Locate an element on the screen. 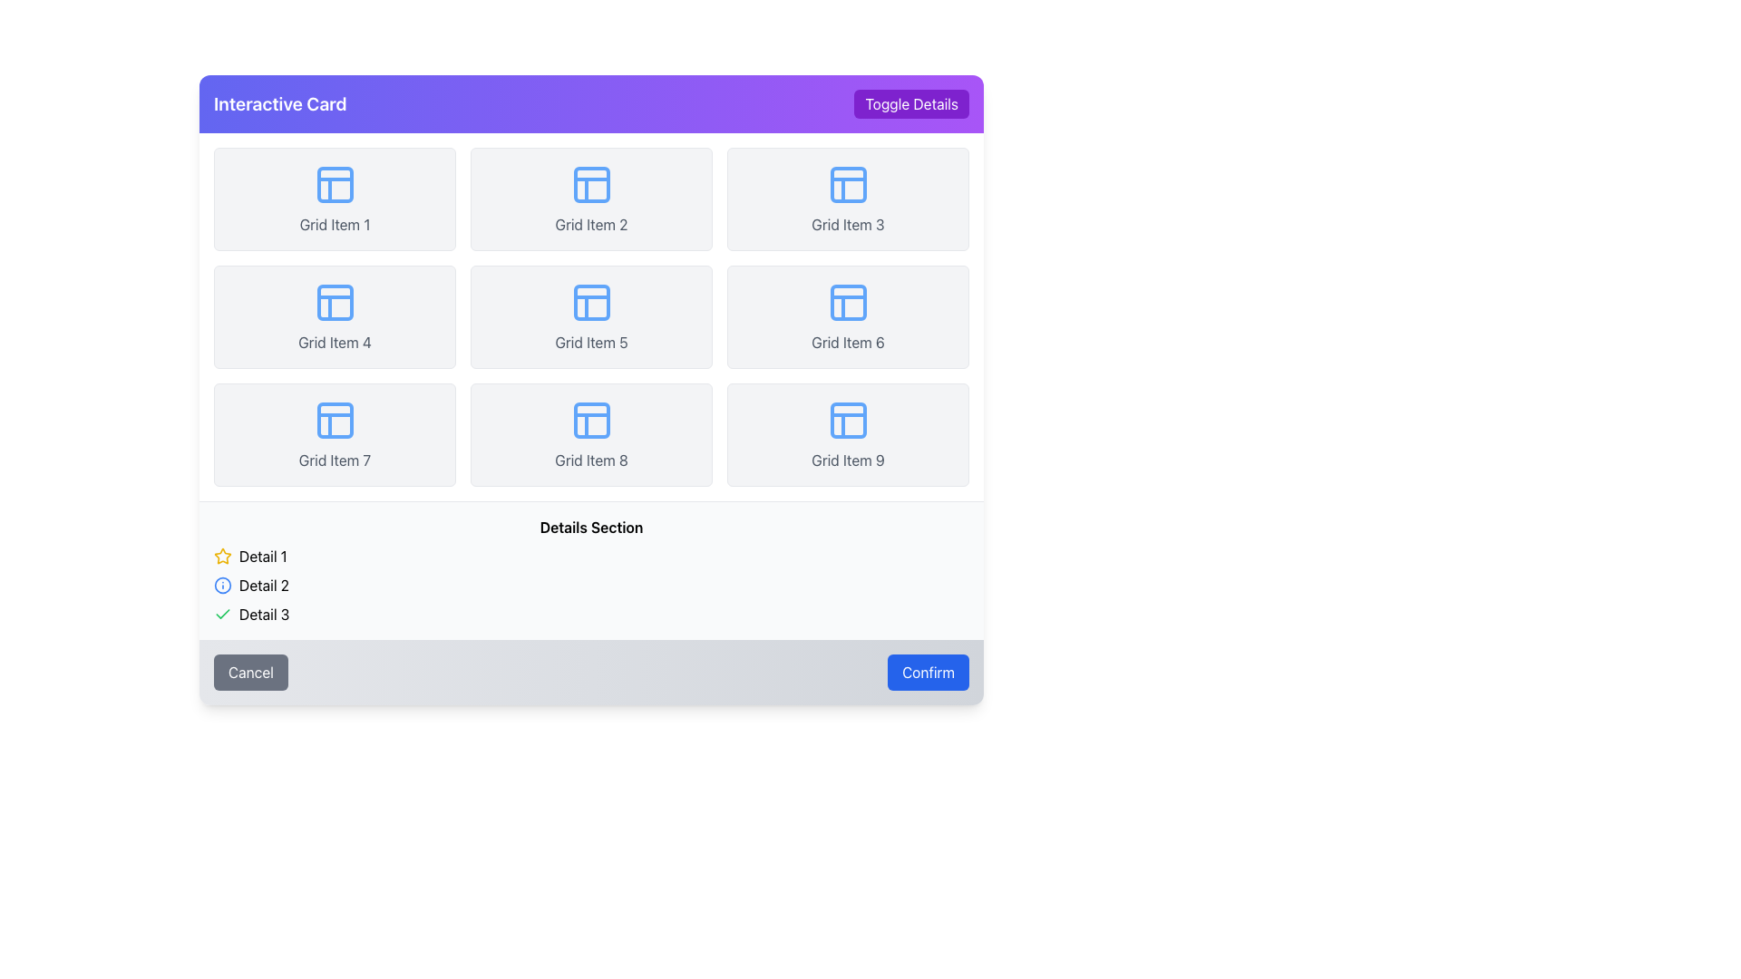 The image size is (1741, 979). the button in the top-right corner of the 'Interactive Card' panel to observe hover effects is located at coordinates (911, 104).